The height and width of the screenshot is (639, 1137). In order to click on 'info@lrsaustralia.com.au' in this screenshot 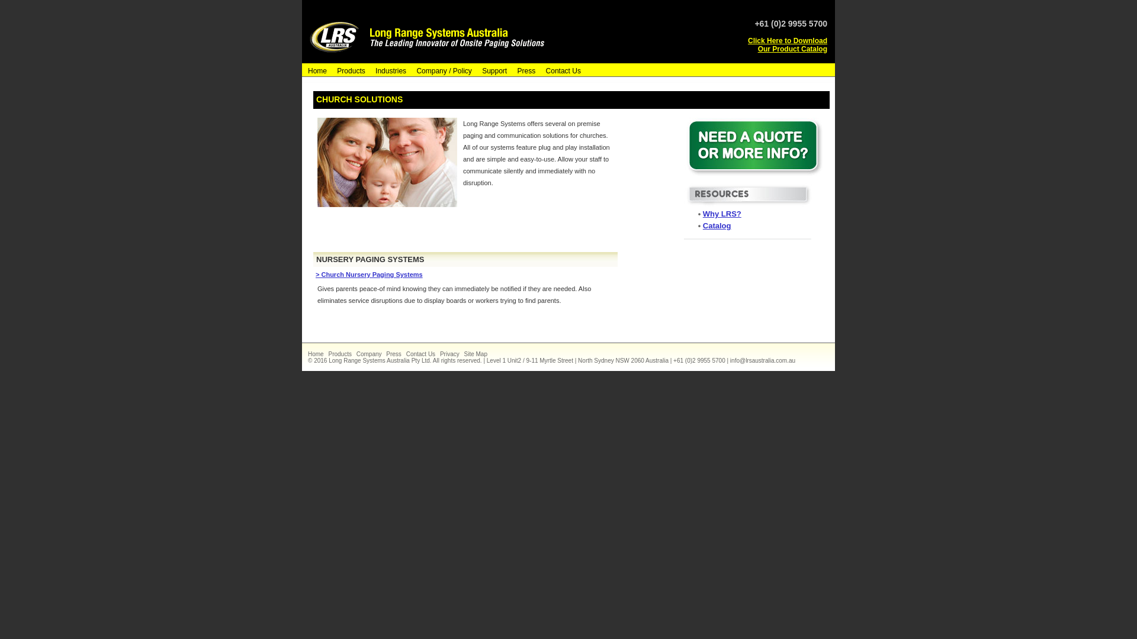, I will do `click(730, 359)`.